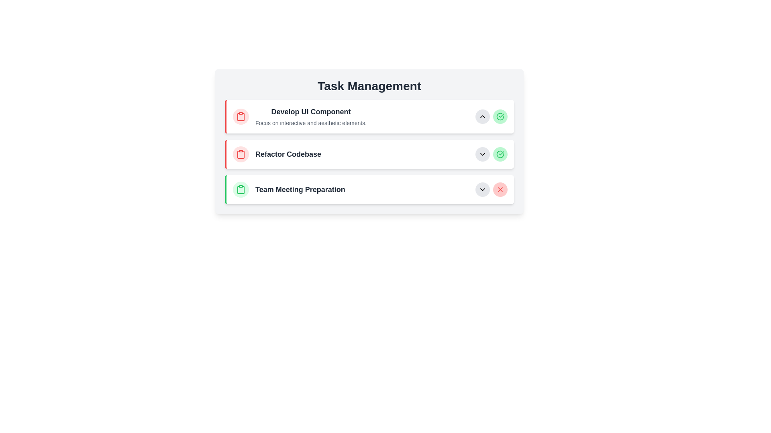 The image size is (771, 433). Describe the element at coordinates (300, 190) in the screenshot. I see `the text label reading 'Team Meeting Preparation' which is styled with bold font and dark gray color, located in the third row of a vertical task list below 'Refactor Codebase' and to the right of the clipboard icon` at that location.